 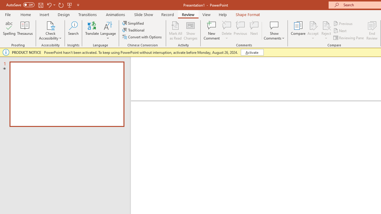 What do you see at coordinates (298, 31) in the screenshot?
I see `'Compare'` at bounding box center [298, 31].